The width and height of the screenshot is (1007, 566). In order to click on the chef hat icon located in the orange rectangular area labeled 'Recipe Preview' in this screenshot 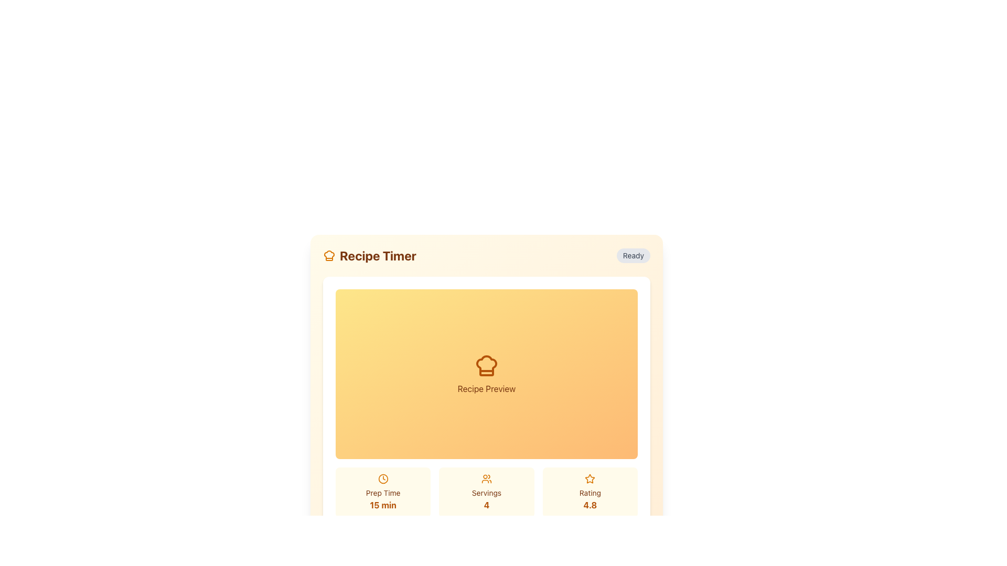, I will do `click(486, 365)`.